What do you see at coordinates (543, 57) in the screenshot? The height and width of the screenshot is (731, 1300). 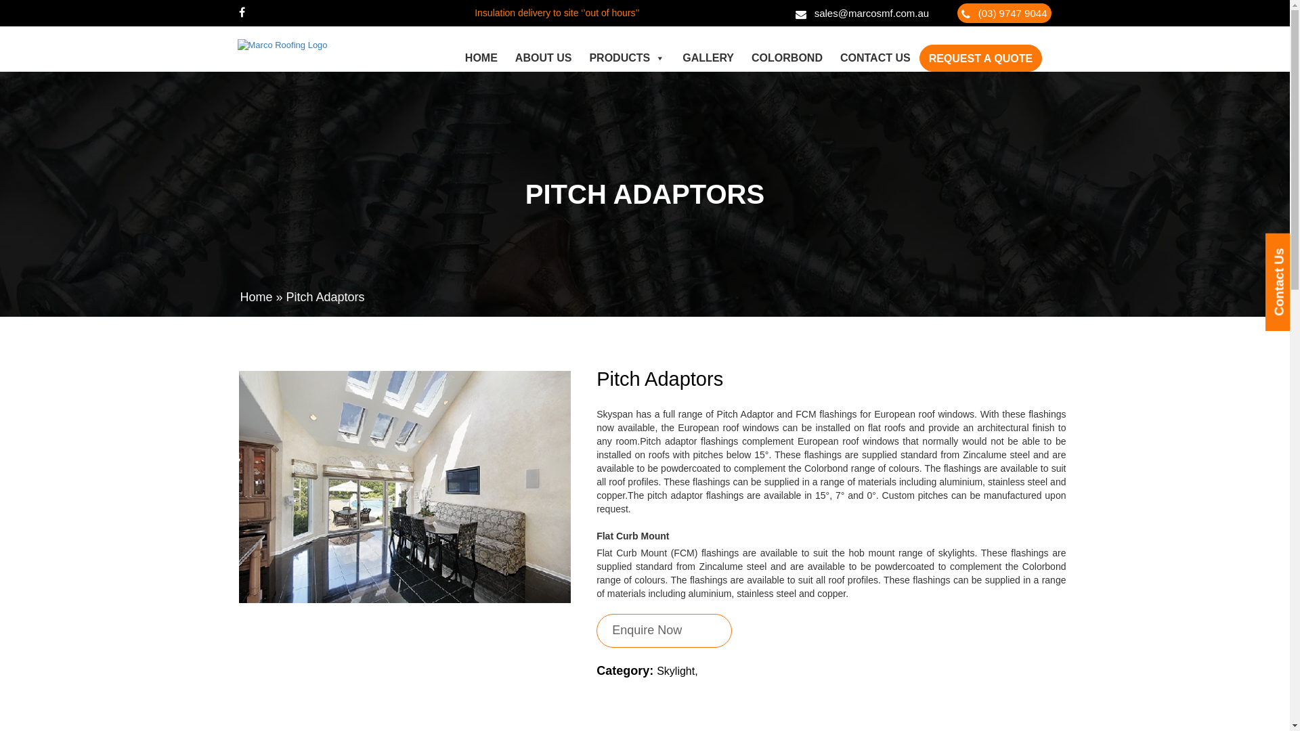 I see `'ABOUT US'` at bounding box center [543, 57].